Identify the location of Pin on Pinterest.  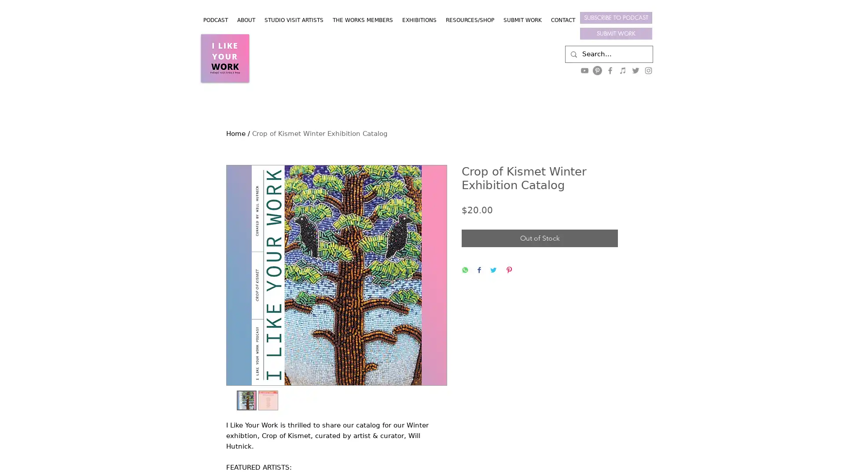
(509, 270).